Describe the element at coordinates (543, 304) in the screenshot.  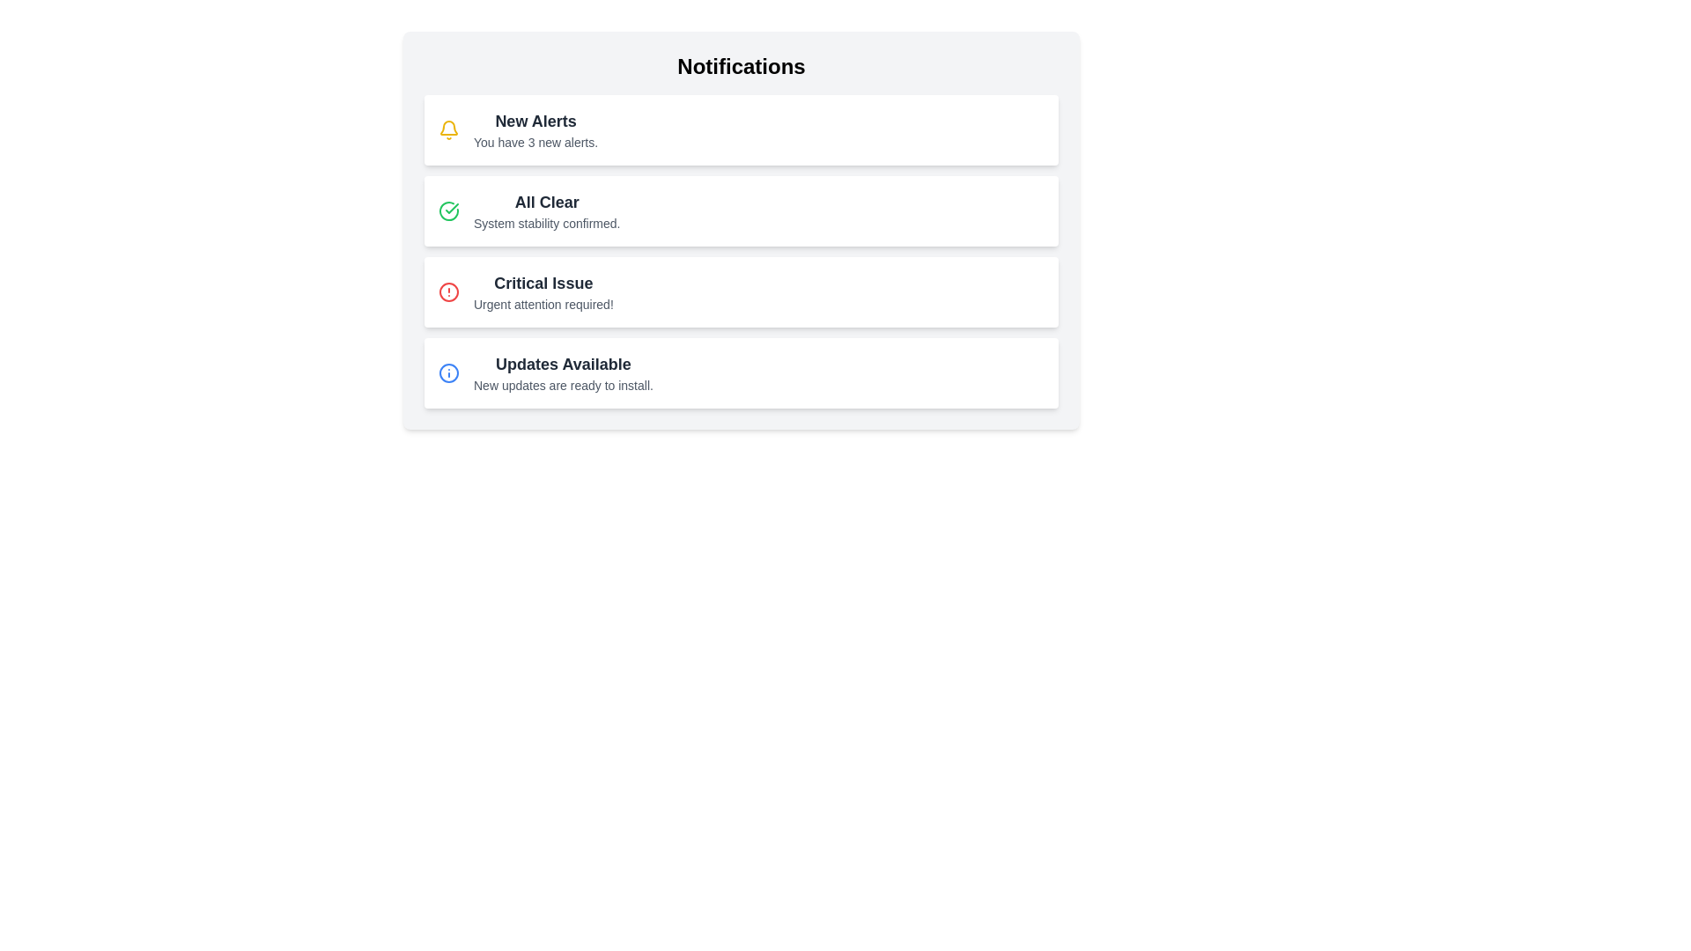
I see `the text label displaying 'Urgent attention required!' located beneath the 'Critical Issue' text in the third row of the notification card` at that location.